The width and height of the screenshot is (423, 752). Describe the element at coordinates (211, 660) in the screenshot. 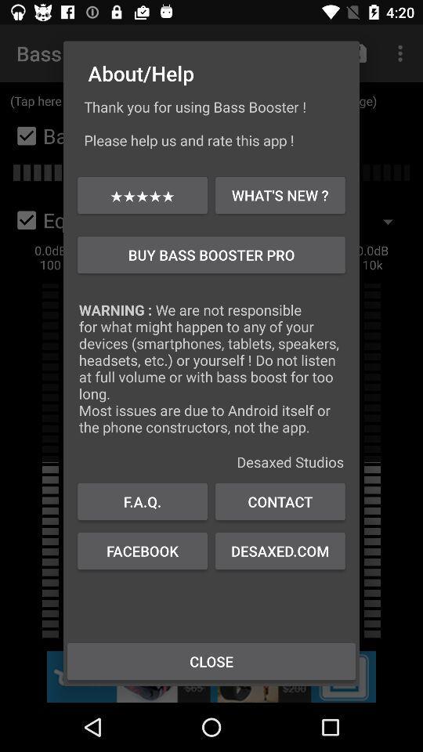

I see `close item` at that location.